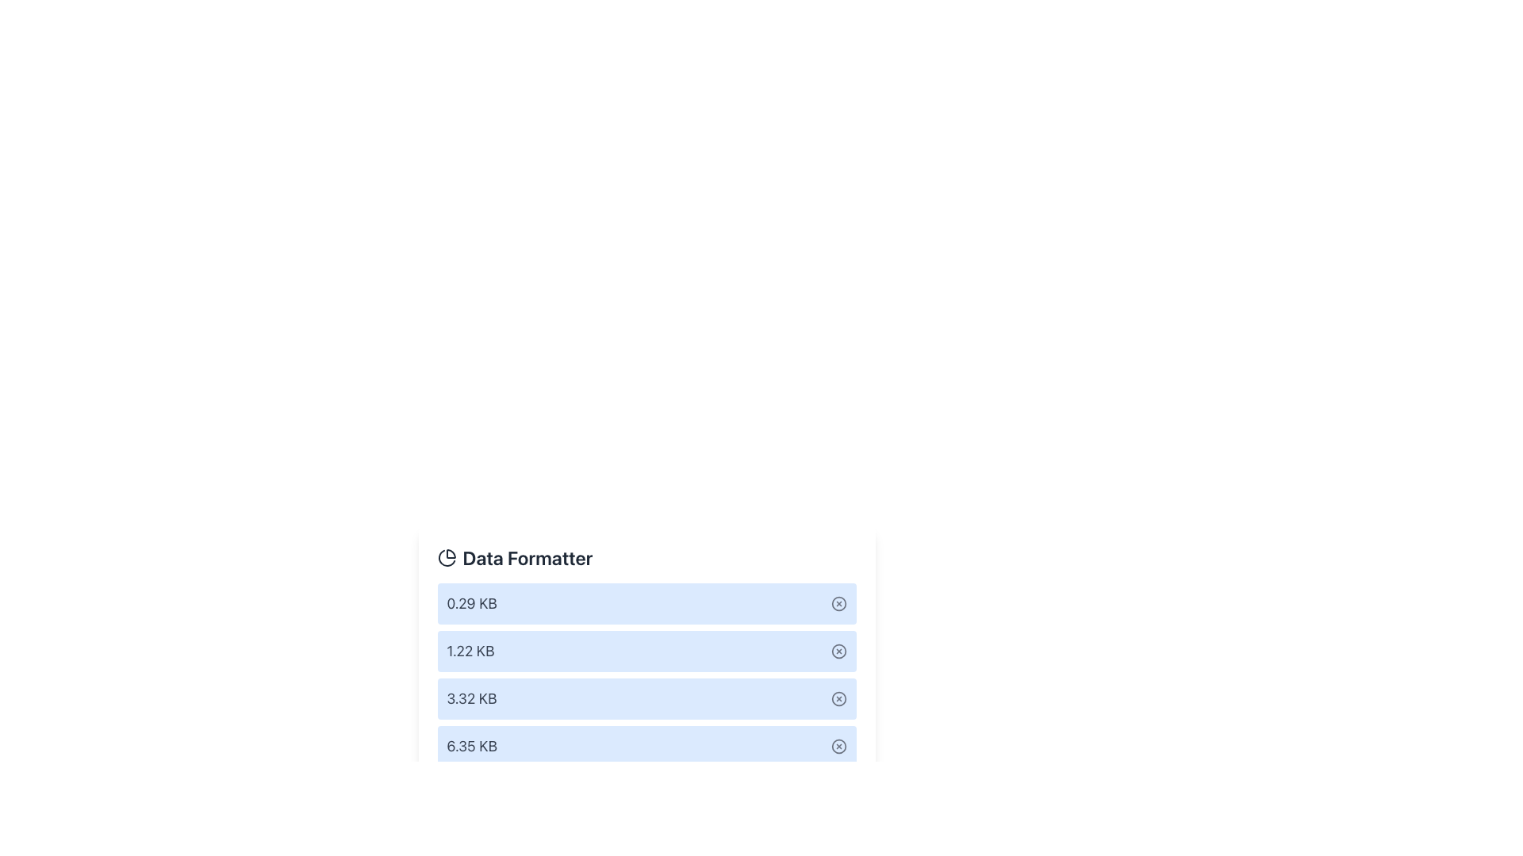 This screenshot has width=1523, height=856. Describe the element at coordinates (838, 651) in the screenshot. I see `the outer circle component of the close or cancel icon located on the right side of the third row in the data listing UI` at that location.